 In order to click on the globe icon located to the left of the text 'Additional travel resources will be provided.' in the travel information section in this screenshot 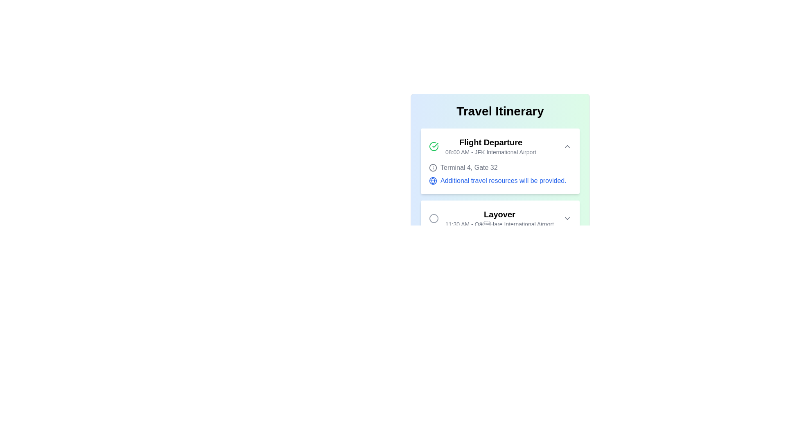, I will do `click(432, 180)`.